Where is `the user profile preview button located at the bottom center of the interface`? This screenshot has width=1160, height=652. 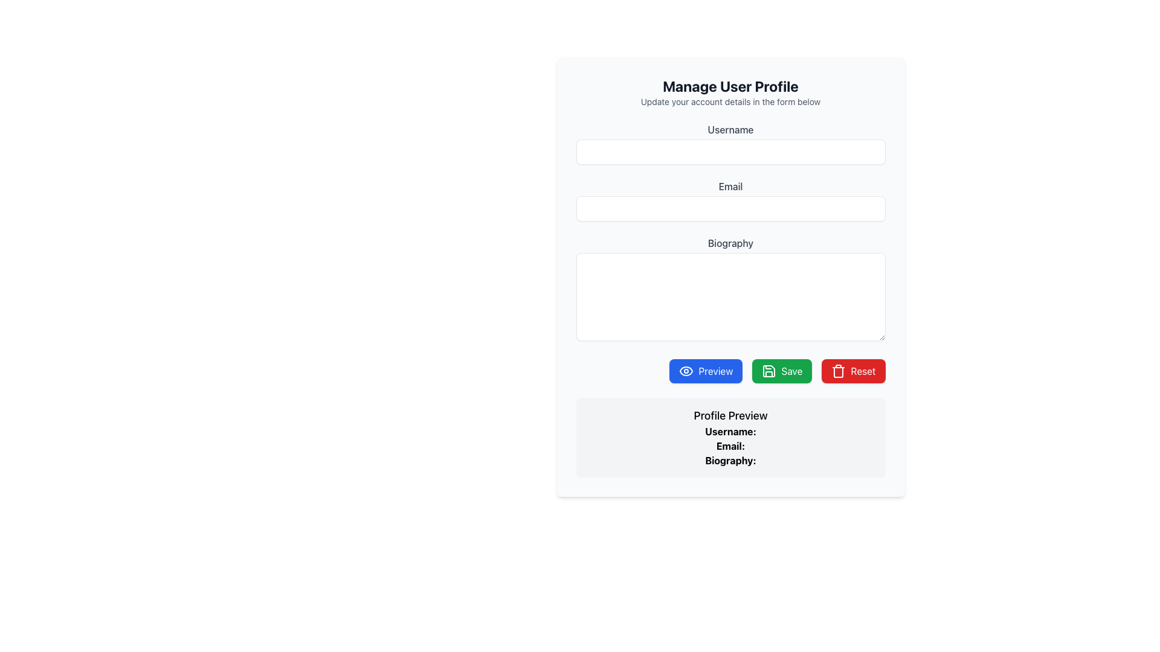
the user profile preview button located at the bottom center of the interface is located at coordinates (706, 370).